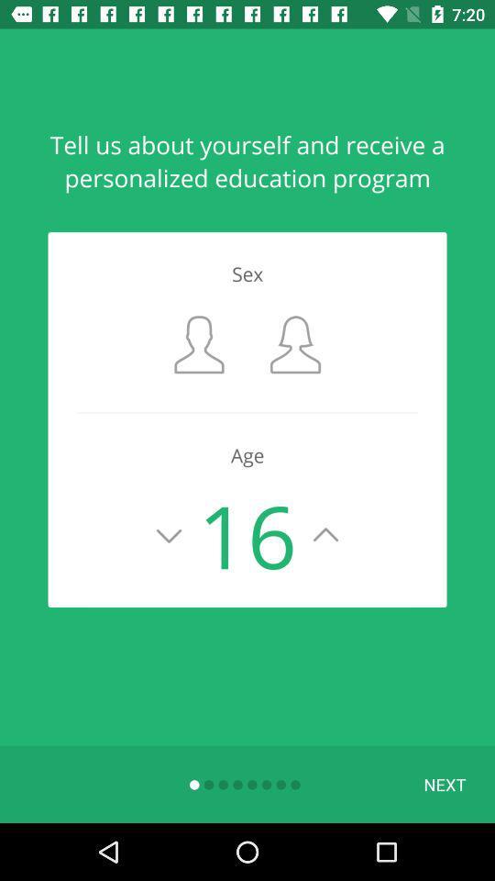  What do you see at coordinates (444, 783) in the screenshot?
I see `the item at the bottom right corner` at bounding box center [444, 783].